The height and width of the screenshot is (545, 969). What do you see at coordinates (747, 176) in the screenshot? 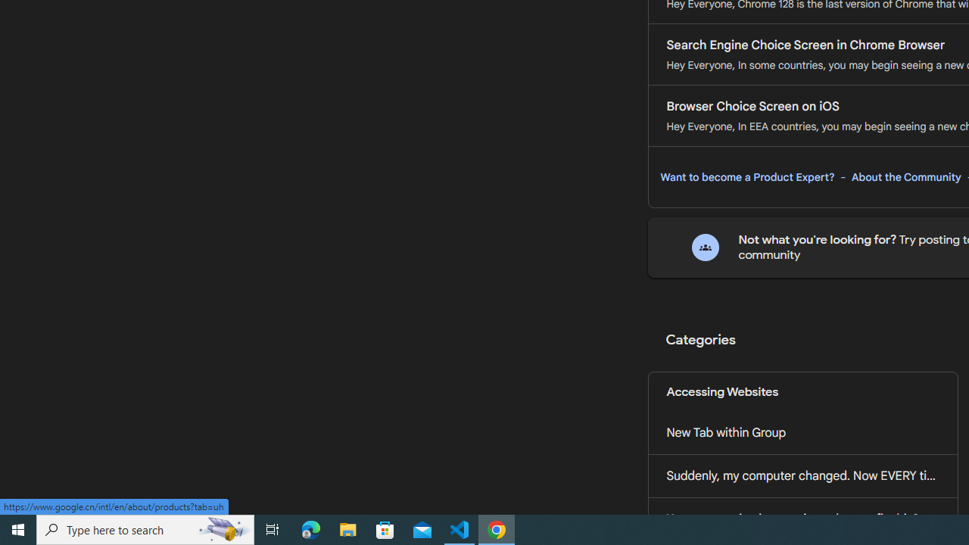
I see `'Want to become a Product Expert?'` at bounding box center [747, 176].